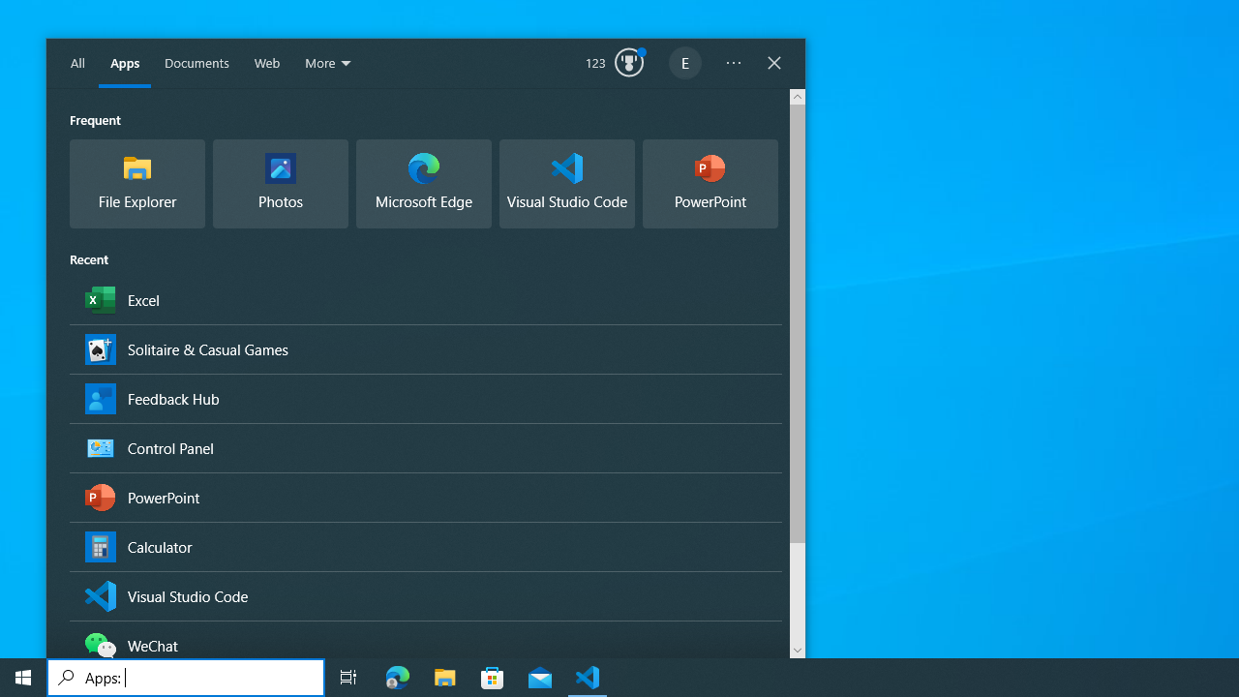 The image size is (1239, 697). I want to click on 'Search box', so click(186, 676).